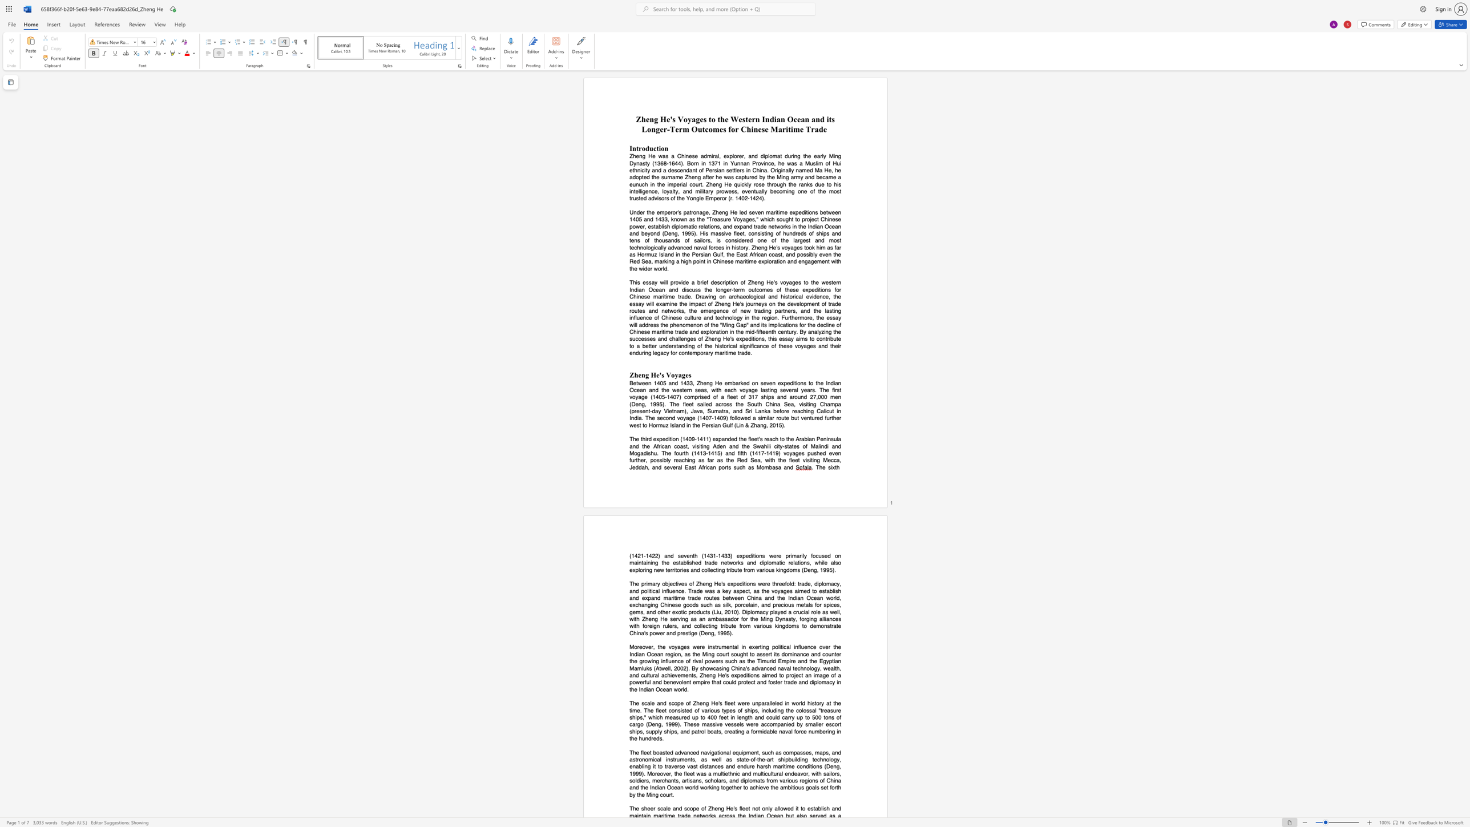  Describe the element at coordinates (629, 352) in the screenshot. I see `the subset text "enduri" within the text "This essay will provide a brief description of Zheng He"` at that location.